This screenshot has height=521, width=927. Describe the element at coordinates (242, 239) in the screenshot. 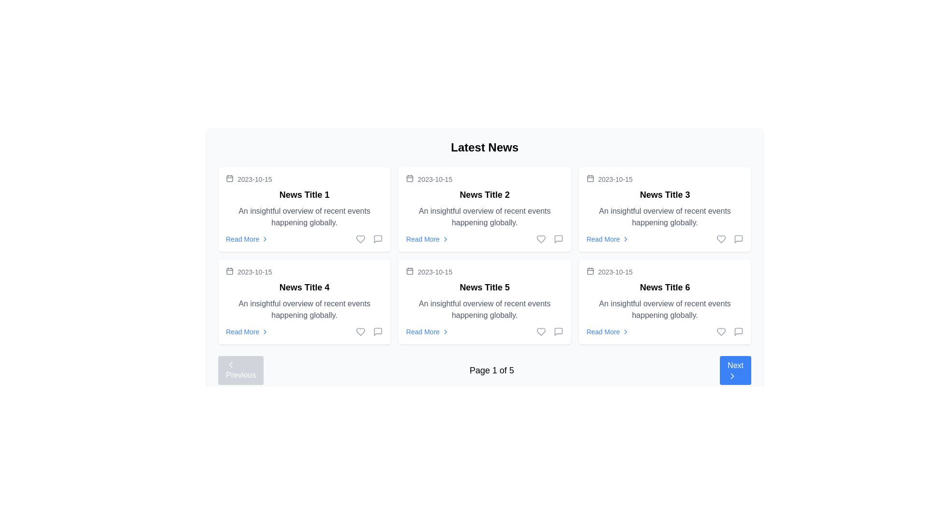

I see `the interactive hyperlink text 'Read More' styled in blue, located at the bottom-left of the top-left news card in a 2x3 grid` at that location.